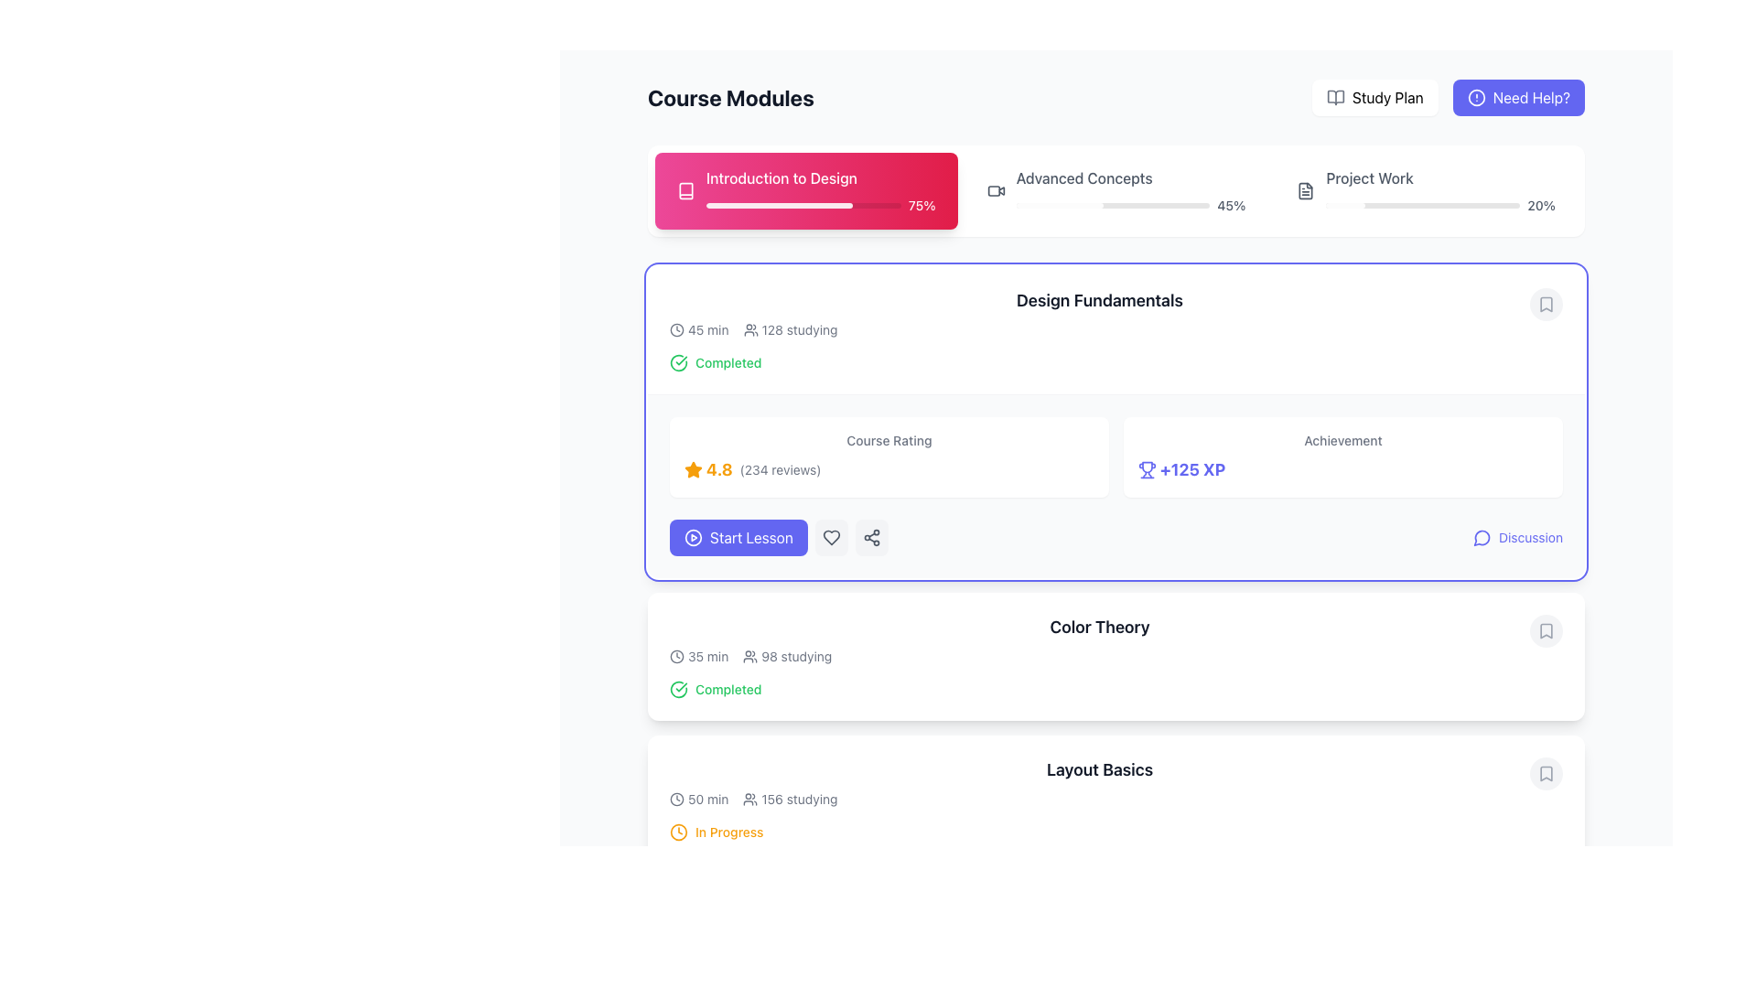 The height and width of the screenshot is (988, 1757). What do you see at coordinates (1422, 205) in the screenshot?
I see `the light gray background track of the progress bar located under the 'Project Work' section` at bounding box center [1422, 205].